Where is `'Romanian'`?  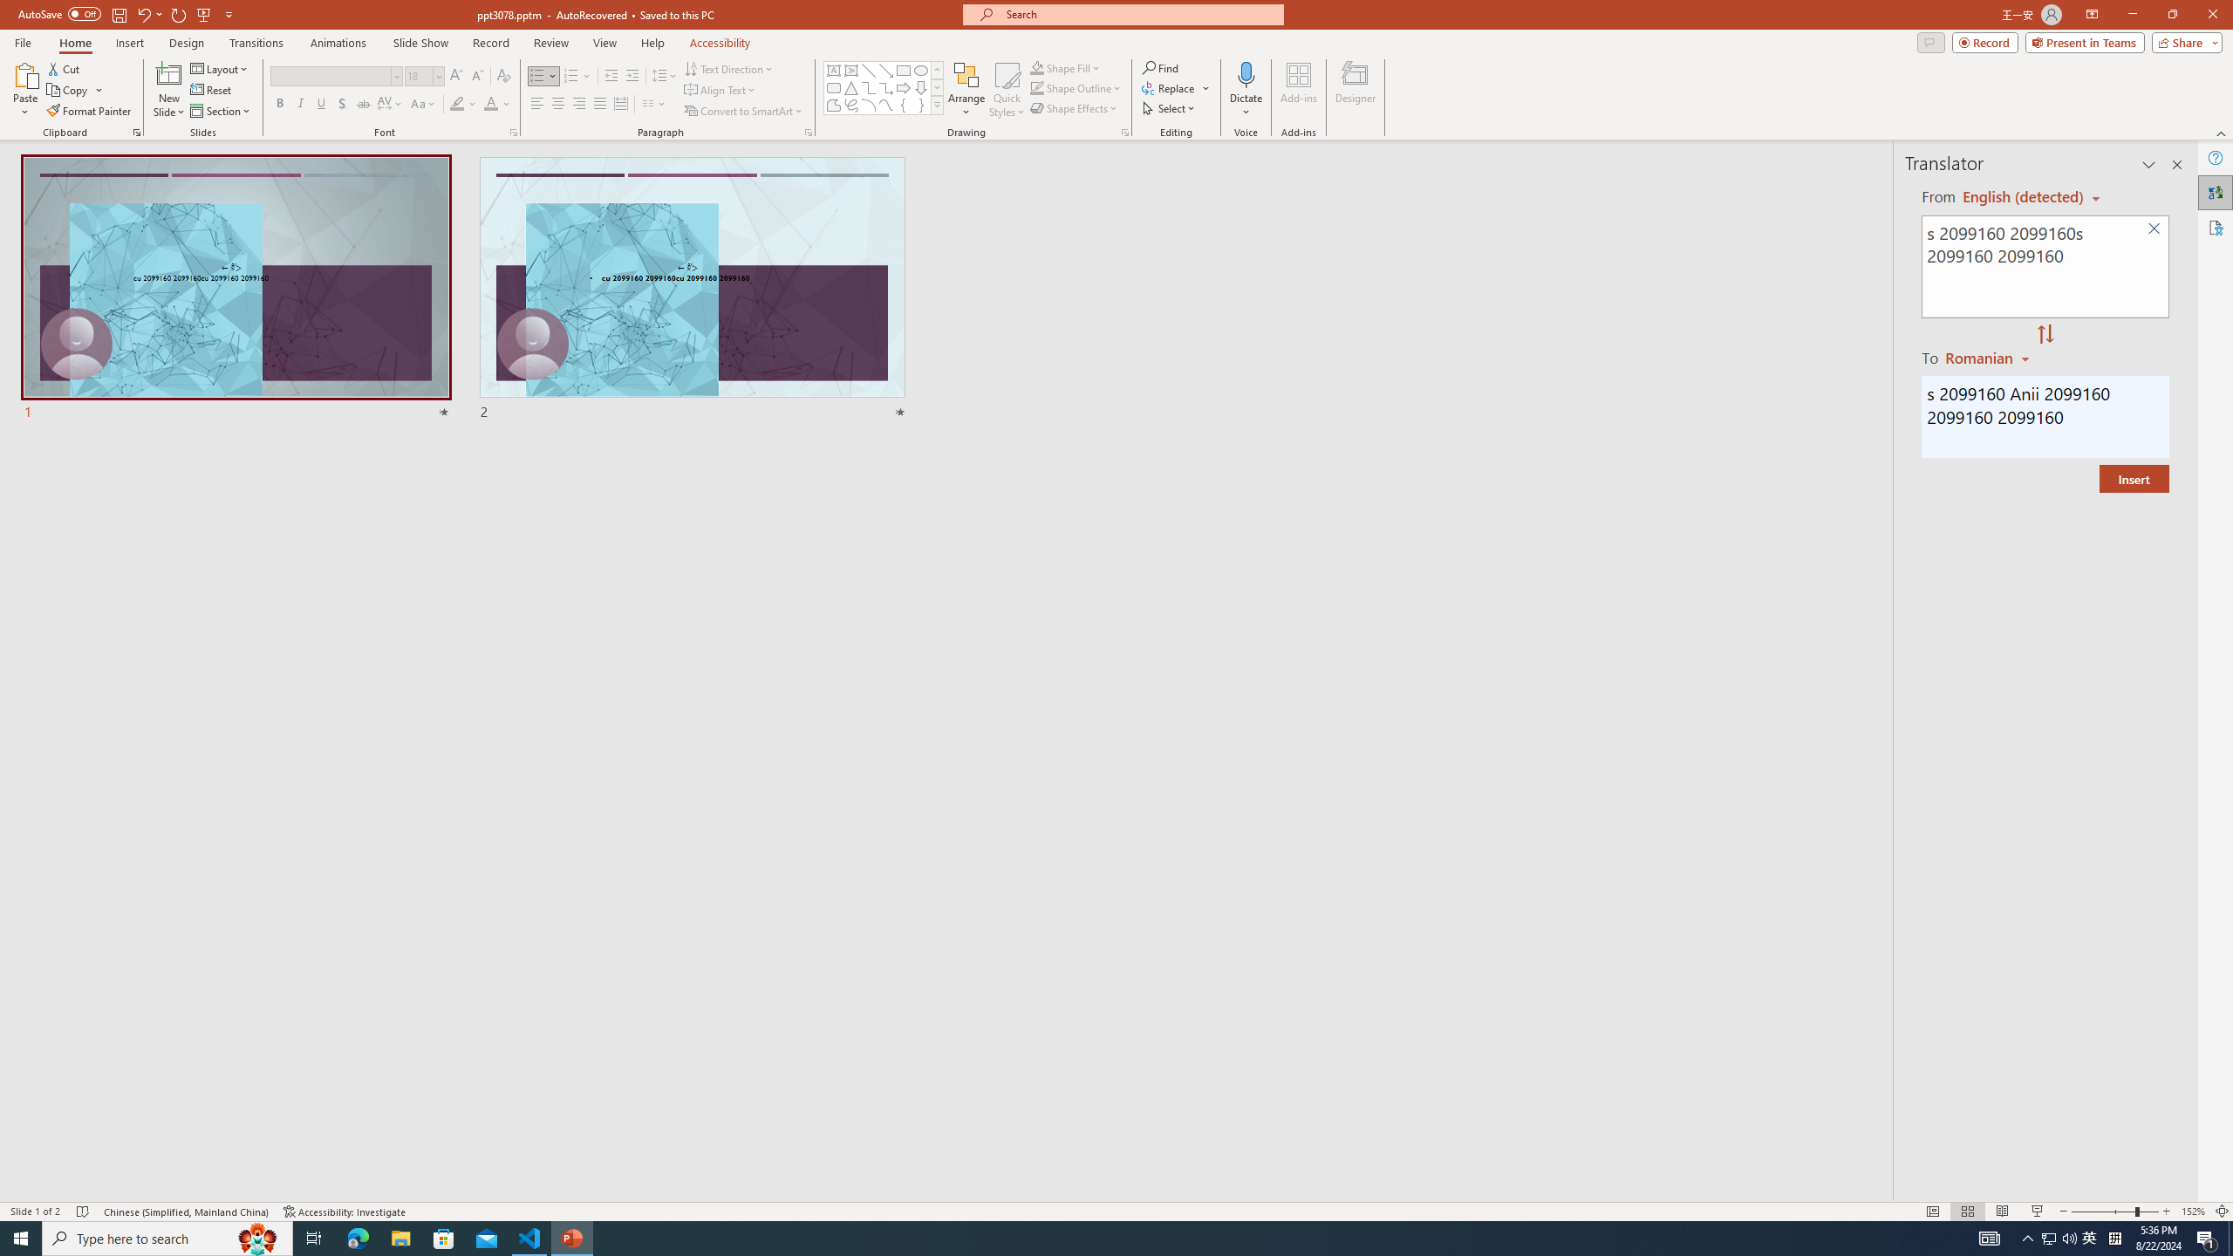
'Romanian' is located at coordinates (1988, 357).